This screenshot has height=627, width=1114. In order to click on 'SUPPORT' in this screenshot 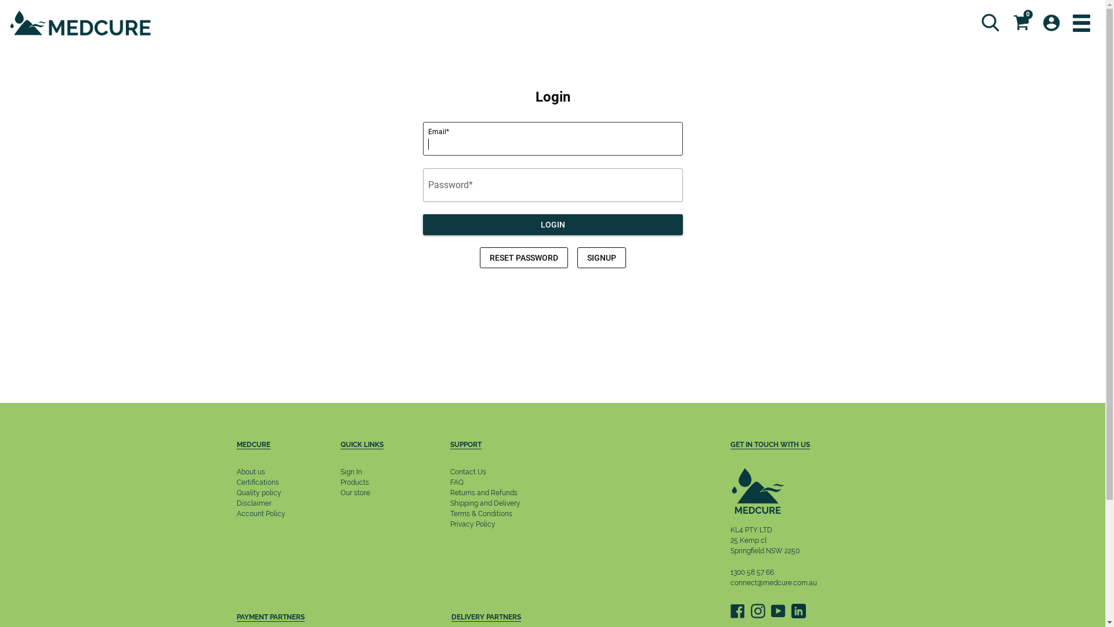, I will do `click(494, 445)`.